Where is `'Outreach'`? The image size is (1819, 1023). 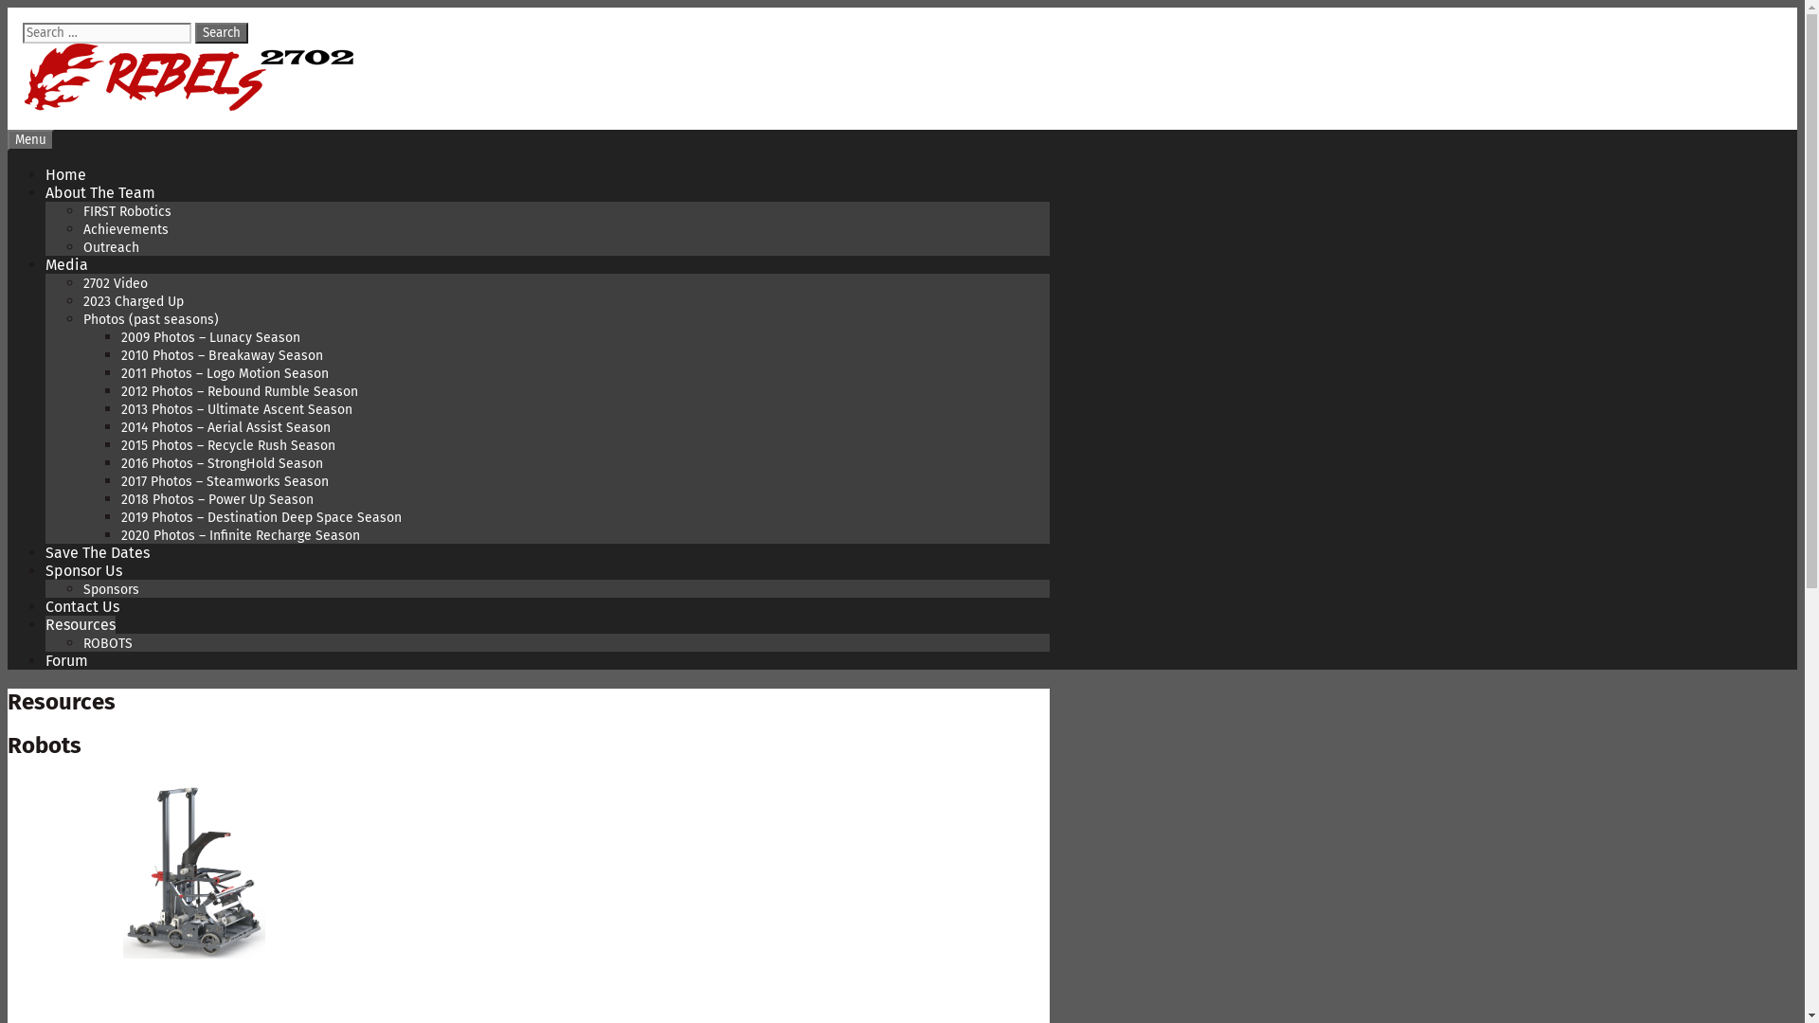 'Outreach' is located at coordinates (81, 246).